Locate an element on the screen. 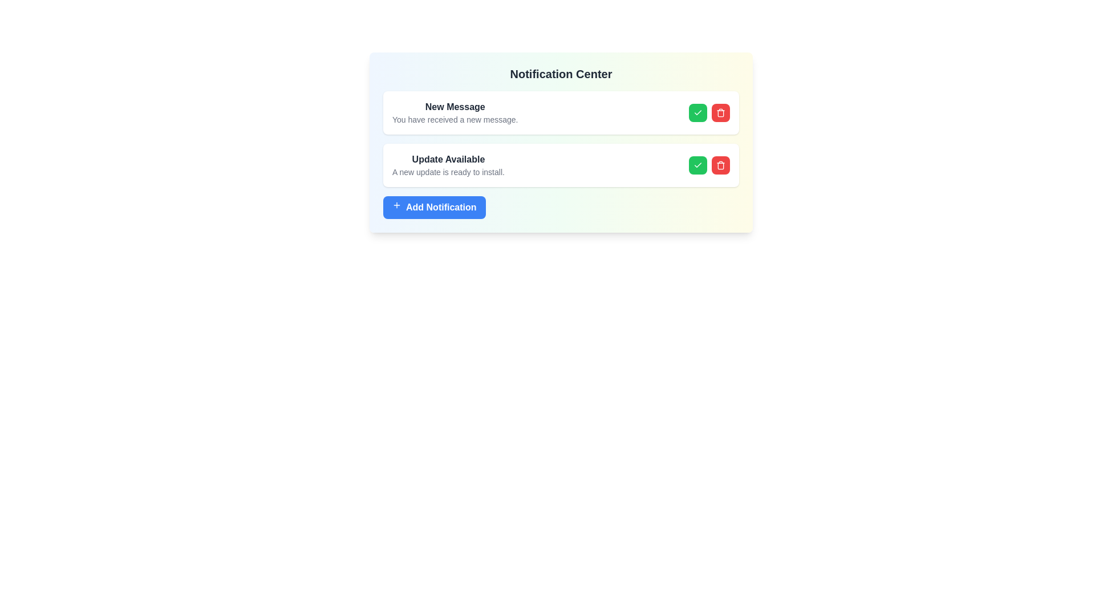 The height and width of the screenshot is (616, 1095). the green checkmark button to acknowledge the 'New Message' notification in the Notification Center interface is located at coordinates (697, 112).